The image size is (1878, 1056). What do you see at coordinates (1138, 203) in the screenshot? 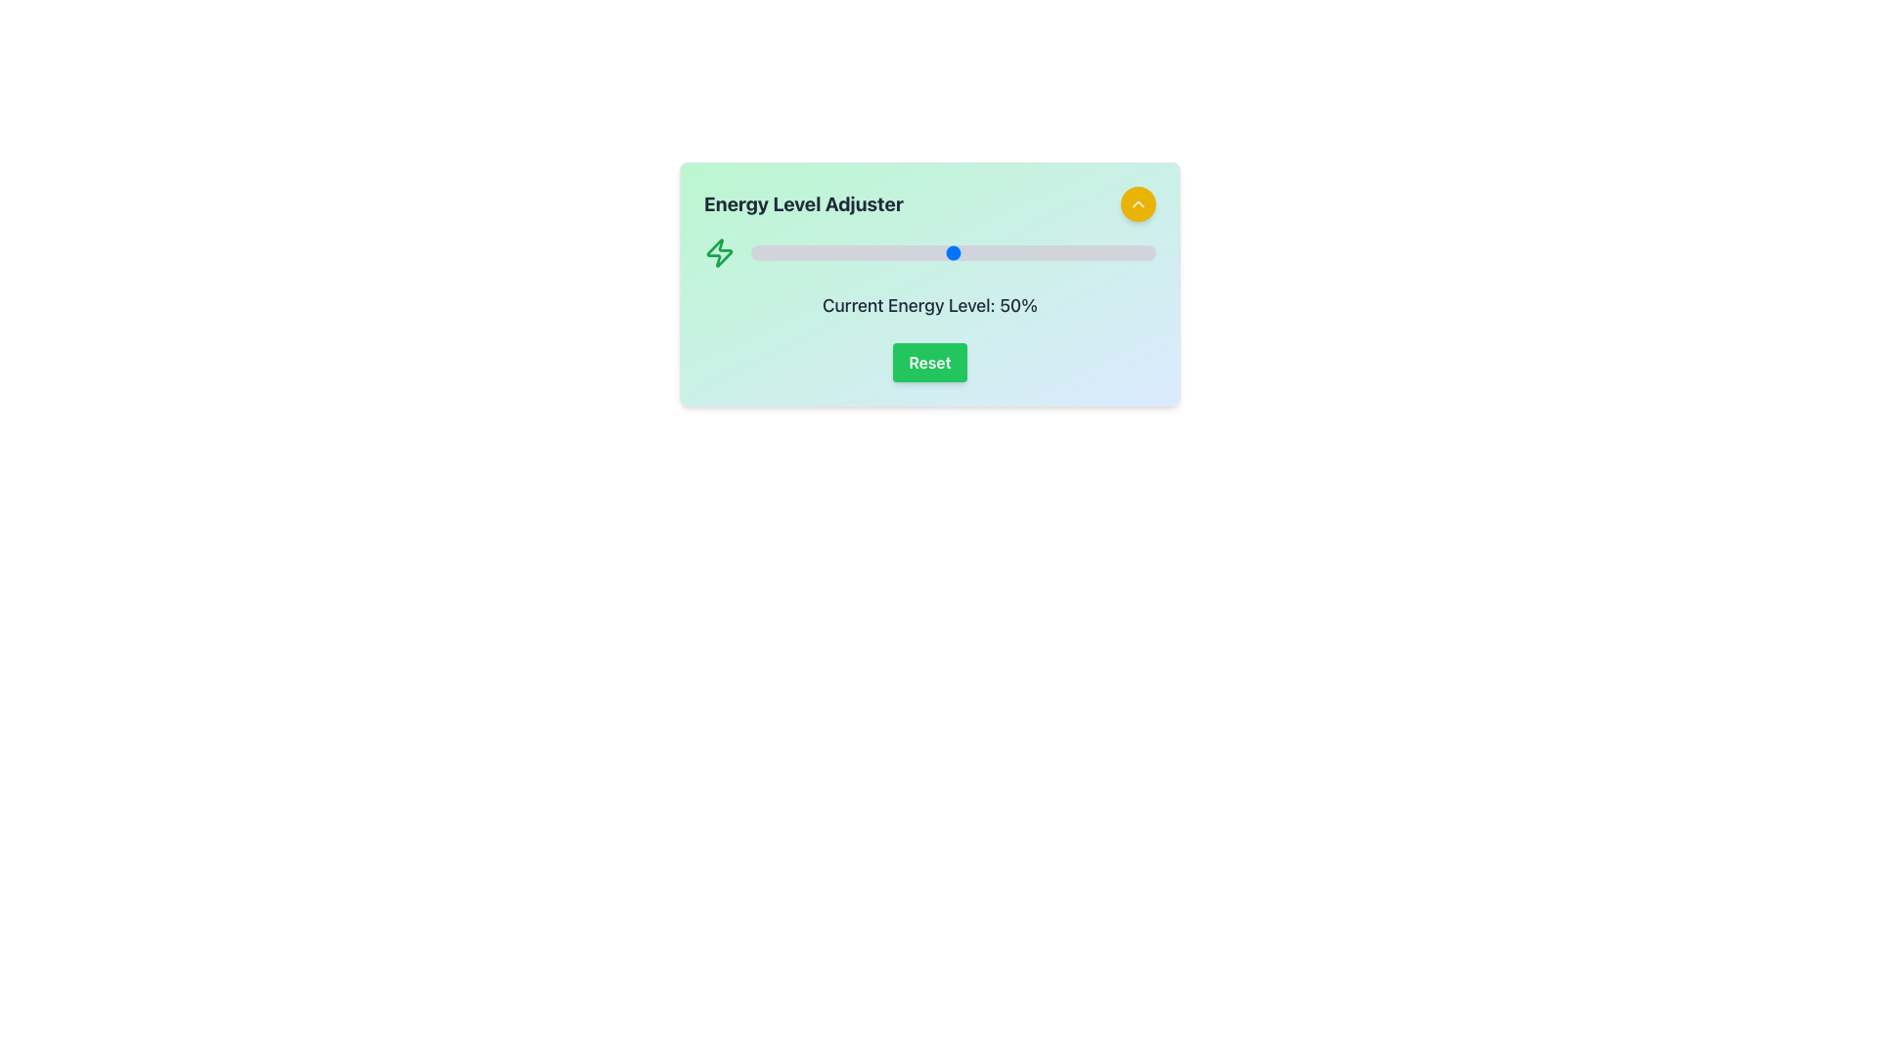
I see `the chevron icon in the circular yellow button located at the top-right corner of the card layout` at bounding box center [1138, 203].